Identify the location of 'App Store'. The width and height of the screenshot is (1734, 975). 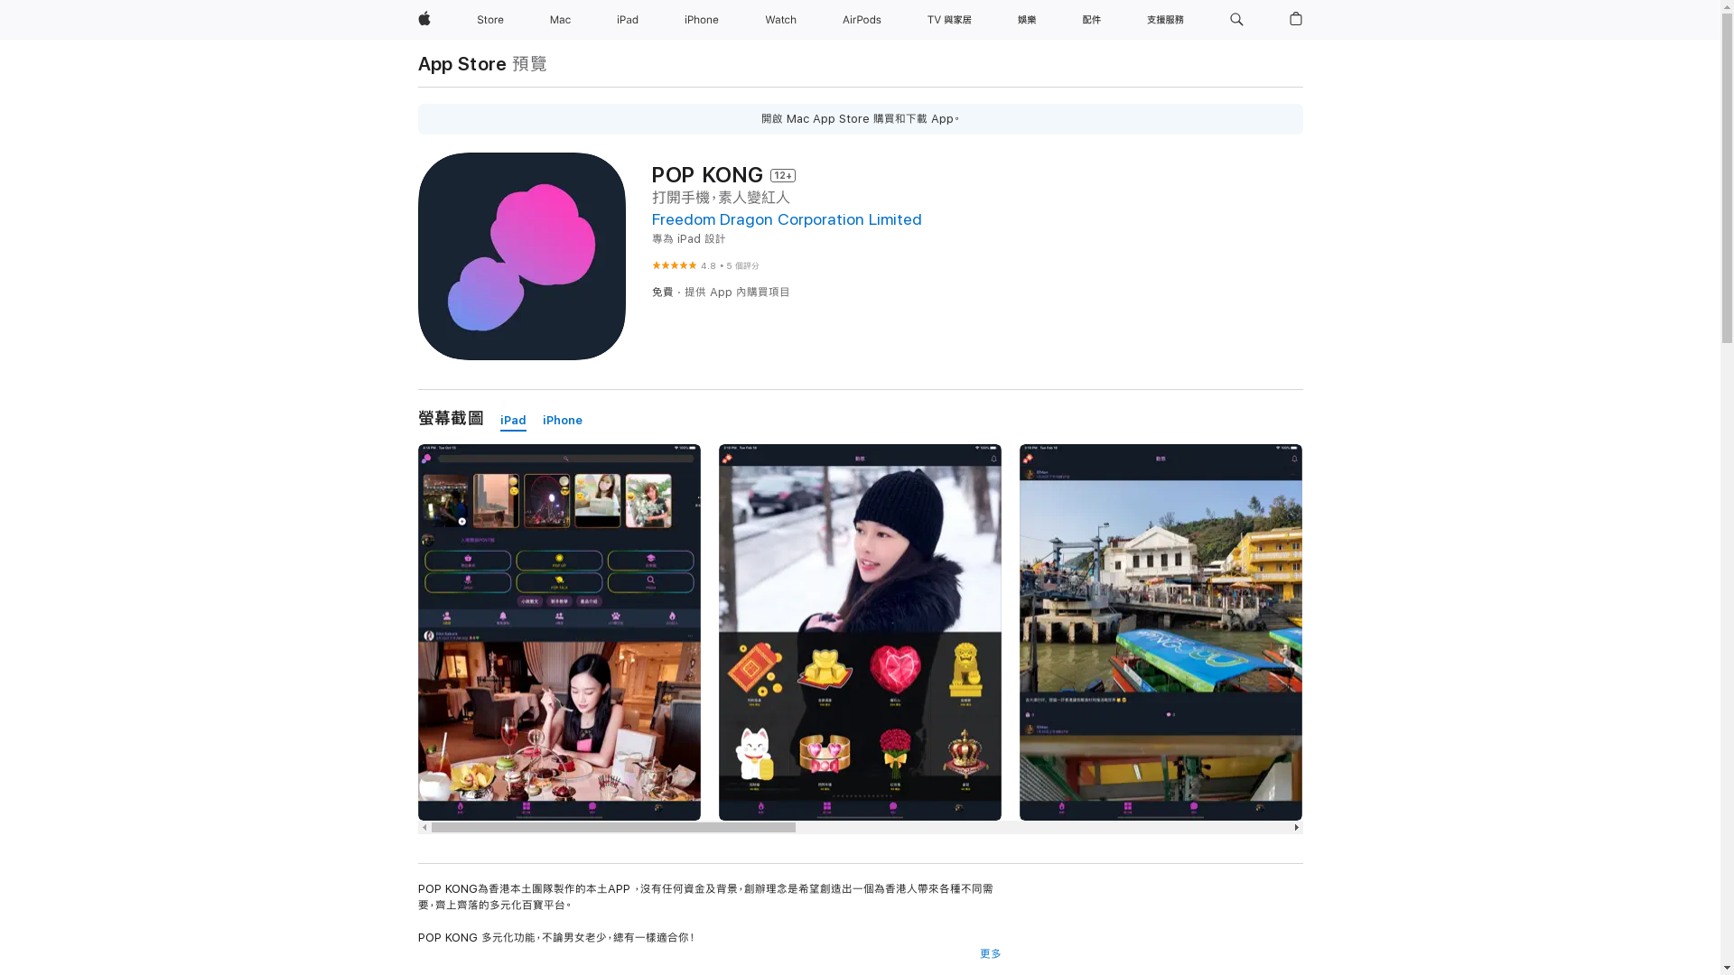
(461, 62).